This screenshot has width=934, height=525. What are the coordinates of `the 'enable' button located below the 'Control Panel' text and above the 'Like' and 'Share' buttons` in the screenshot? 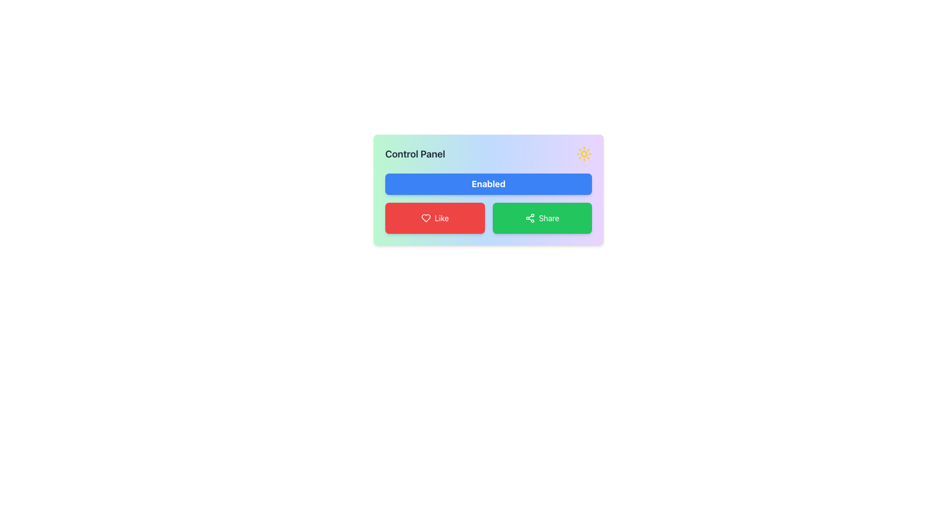 It's located at (488, 184).